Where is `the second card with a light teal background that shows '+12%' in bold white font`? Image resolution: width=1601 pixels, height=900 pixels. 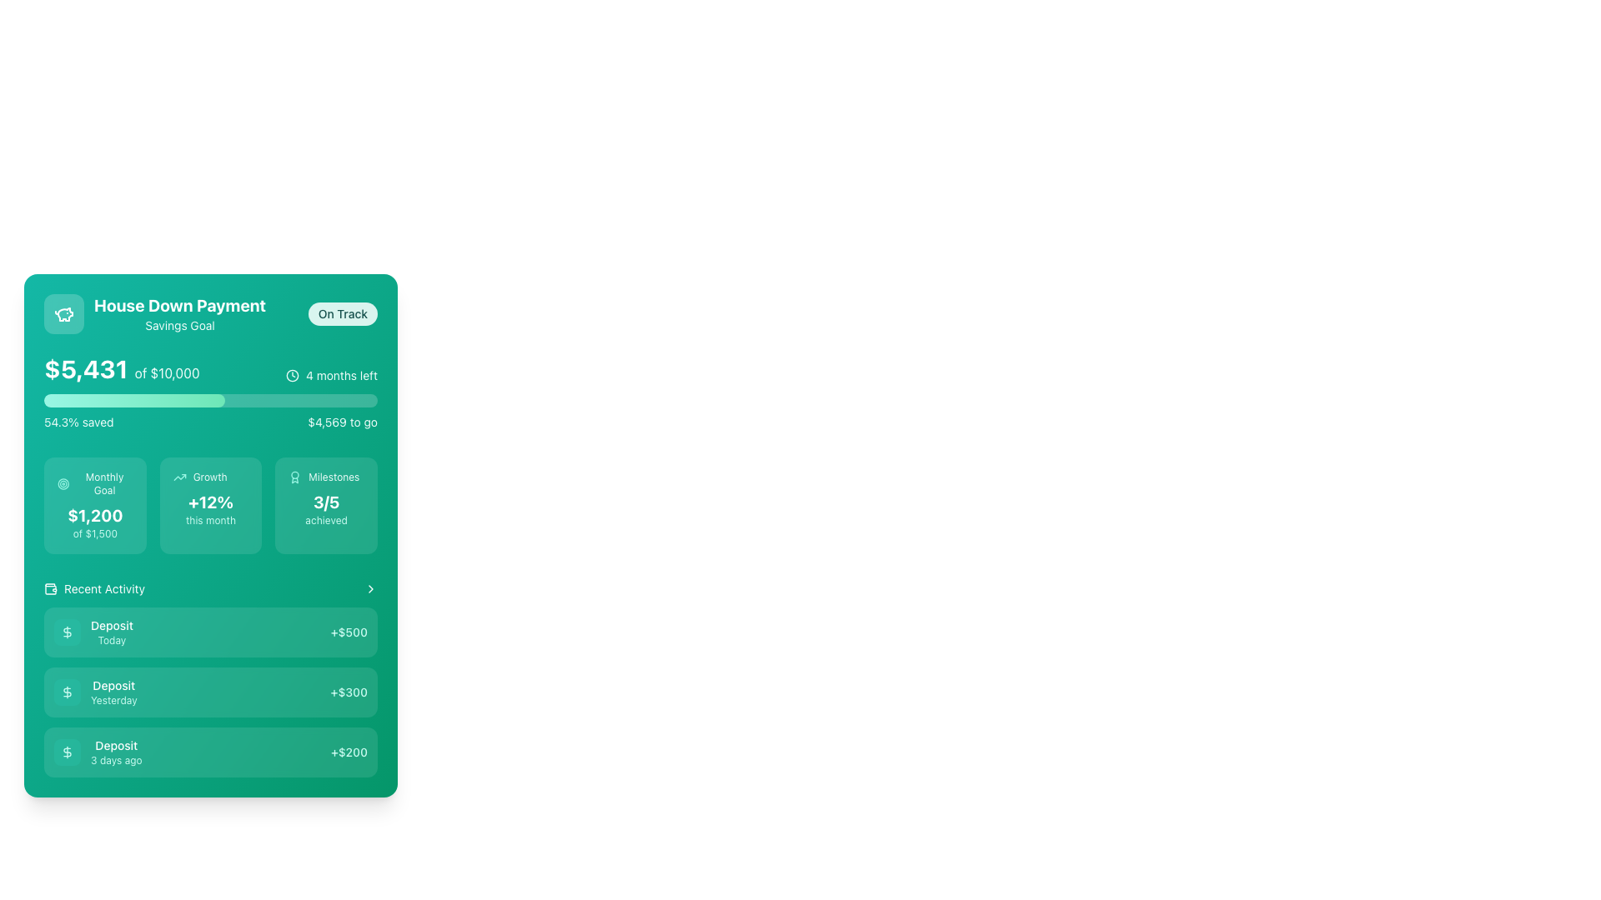 the second card with a light teal background that shows '+12%' in bold white font is located at coordinates (210, 504).